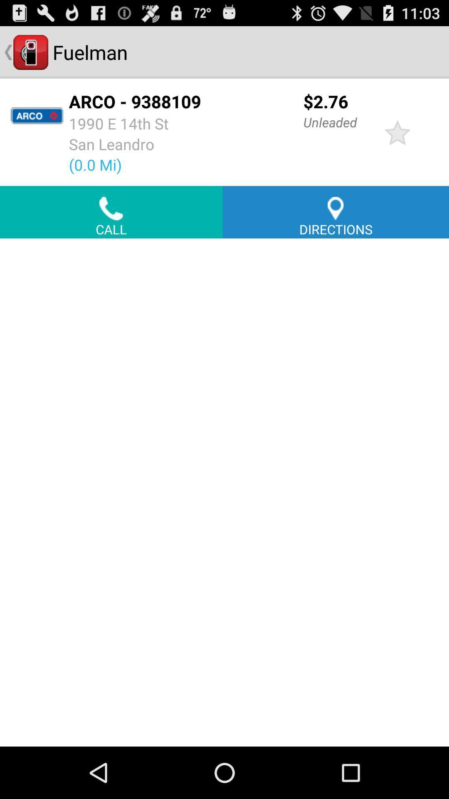  Describe the element at coordinates (111, 212) in the screenshot. I see `app below the (0.0 mi)` at that location.